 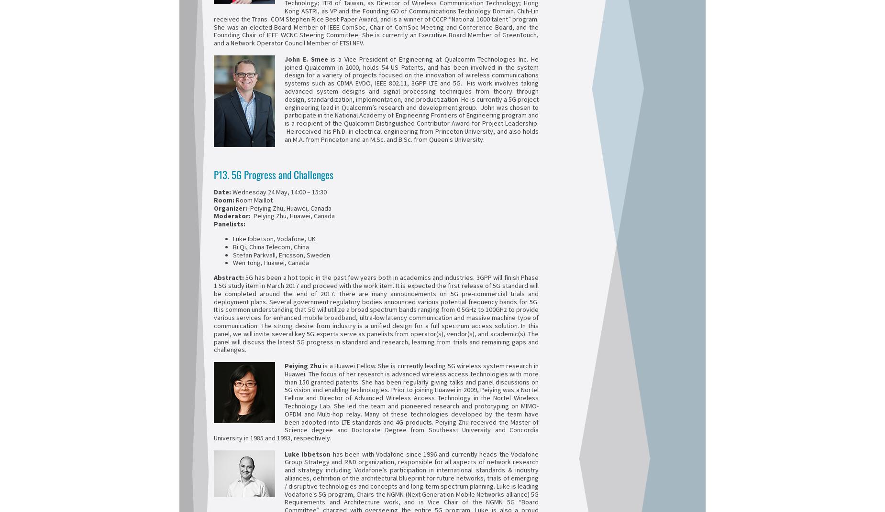 What do you see at coordinates (225, 199) in the screenshot?
I see `'Room:'` at bounding box center [225, 199].